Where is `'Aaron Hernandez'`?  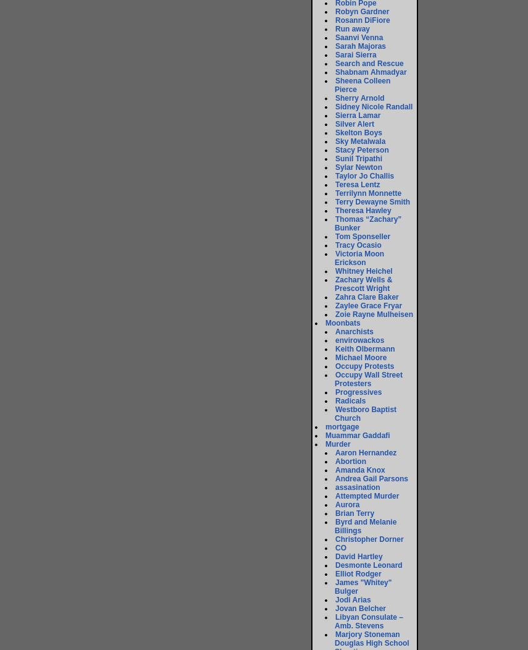 'Aaron Hernandez' is located at coordinates (335, 453).